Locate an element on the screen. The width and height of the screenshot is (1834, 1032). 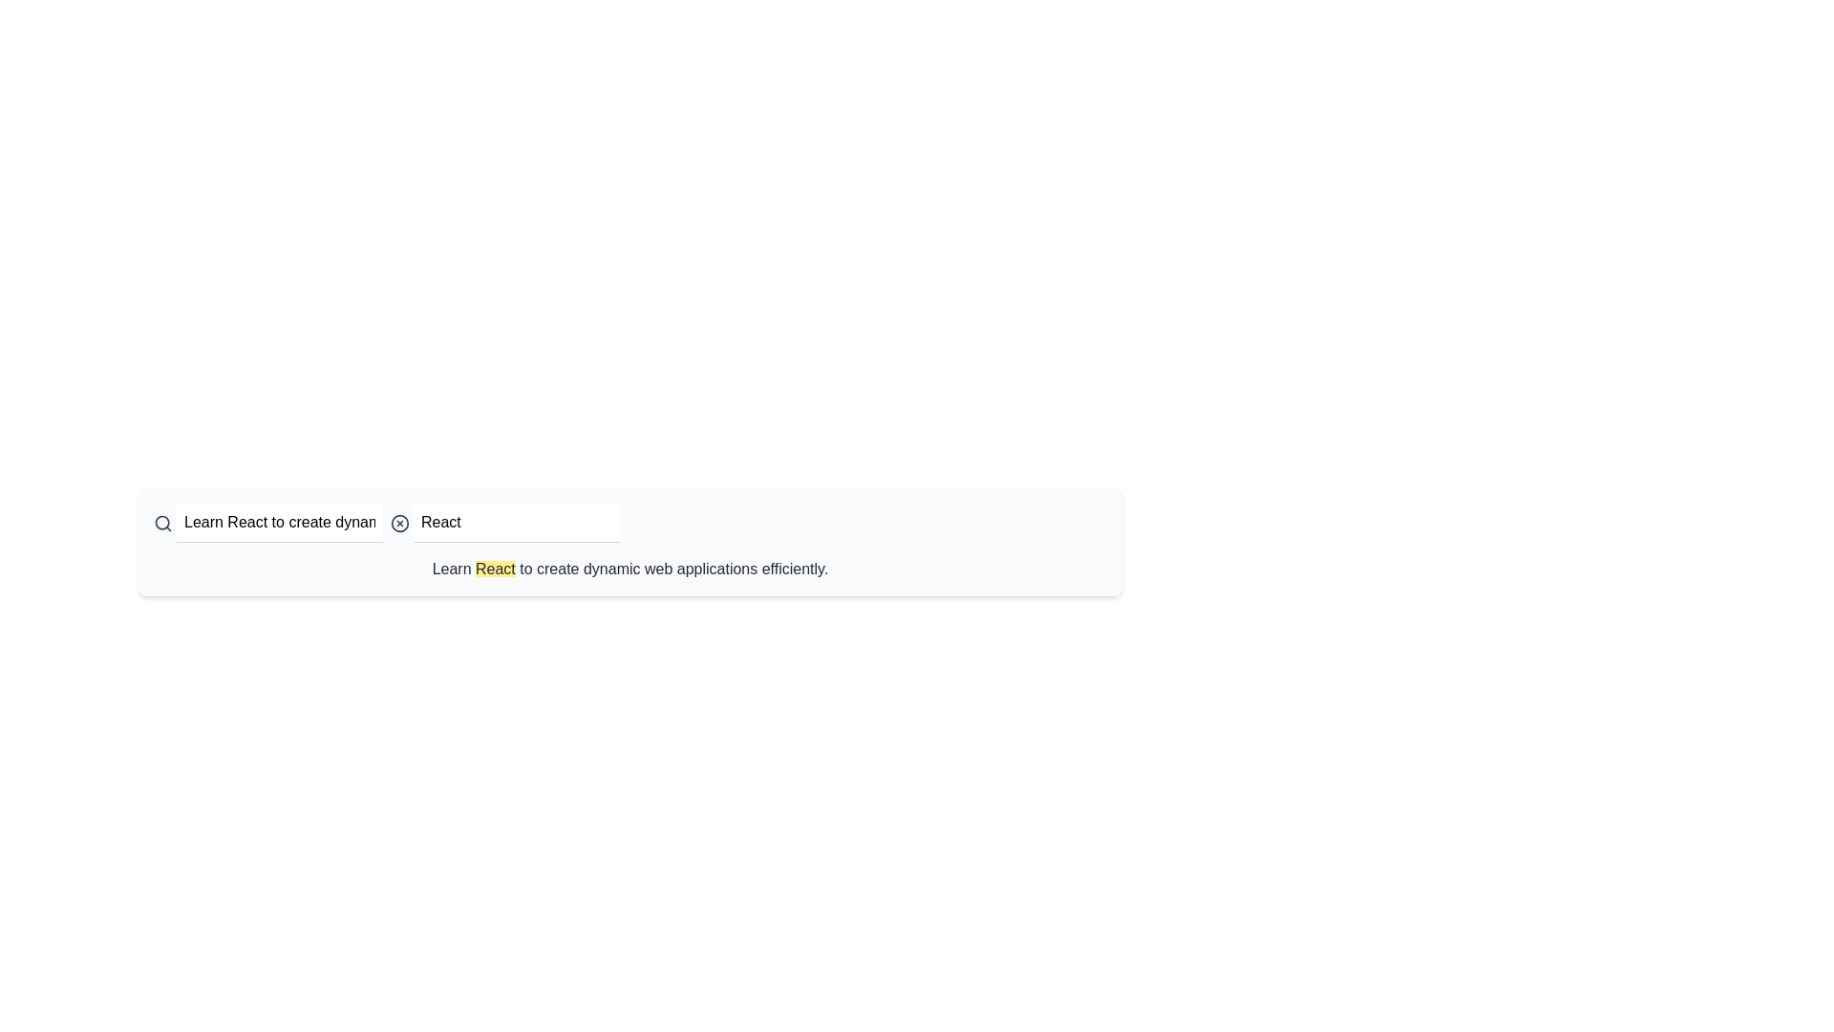
the search input field to focus on it for user input is located at coordinates (517, 523).